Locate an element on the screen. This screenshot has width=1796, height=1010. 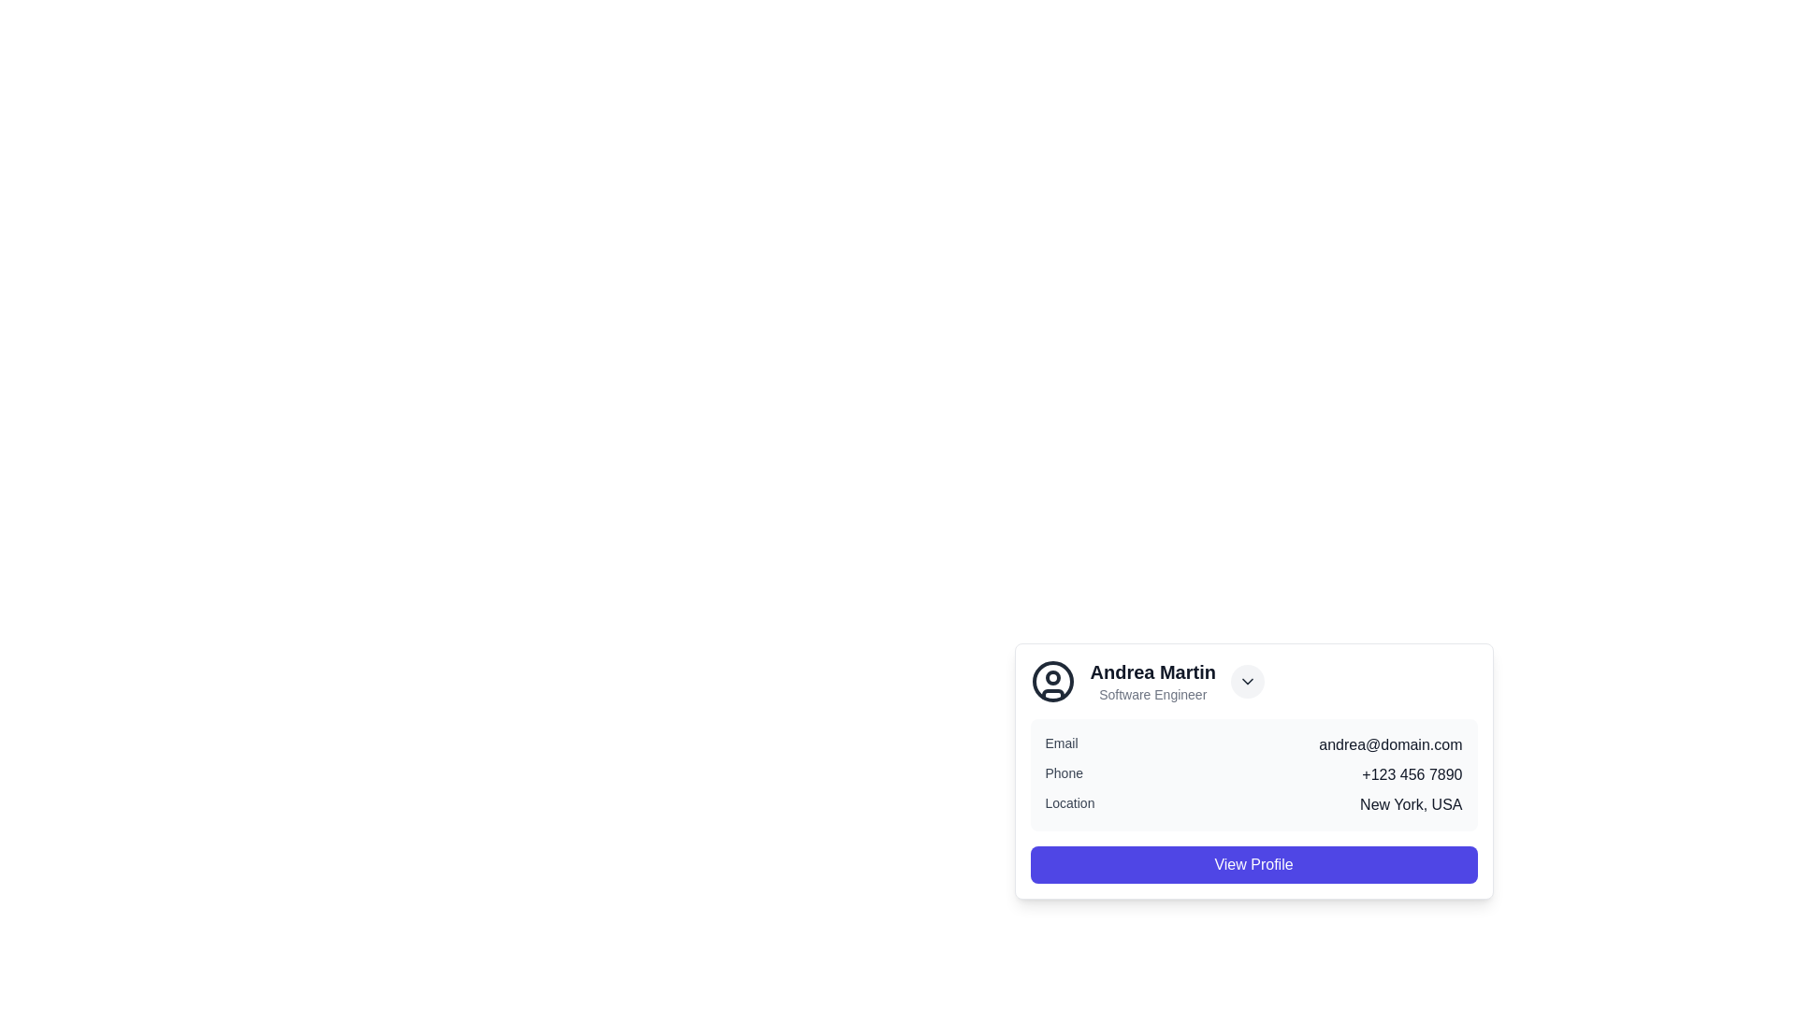
the circular user avatar icon located at the top-left corner of the user profile card to interact with the profile is located at coordinates (1052, 682).